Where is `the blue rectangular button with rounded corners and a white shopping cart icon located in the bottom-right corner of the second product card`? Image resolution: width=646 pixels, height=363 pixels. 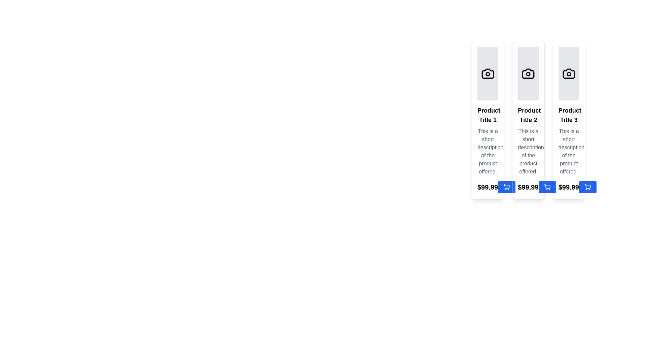 the blue rectangular button with rounded corners and a white shopping cart icon located in the bottom-right corner of the second product card is located at coordinates (507, 187).